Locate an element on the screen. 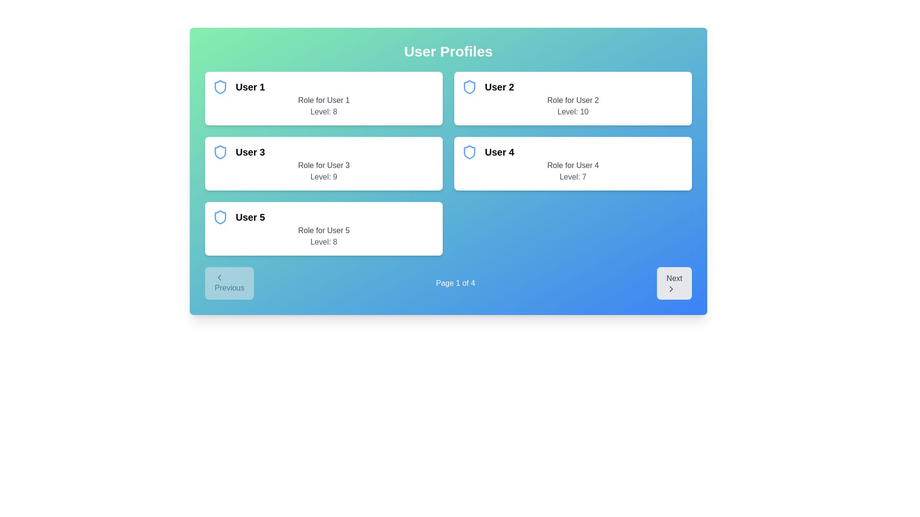 This screenshot has height=517, width=920. the static text display containing the text 'Role for User 2', which is styled in gray and located within the white card for 'User 2', positioned below the username and above the level information is located at coordinates (573, 100).